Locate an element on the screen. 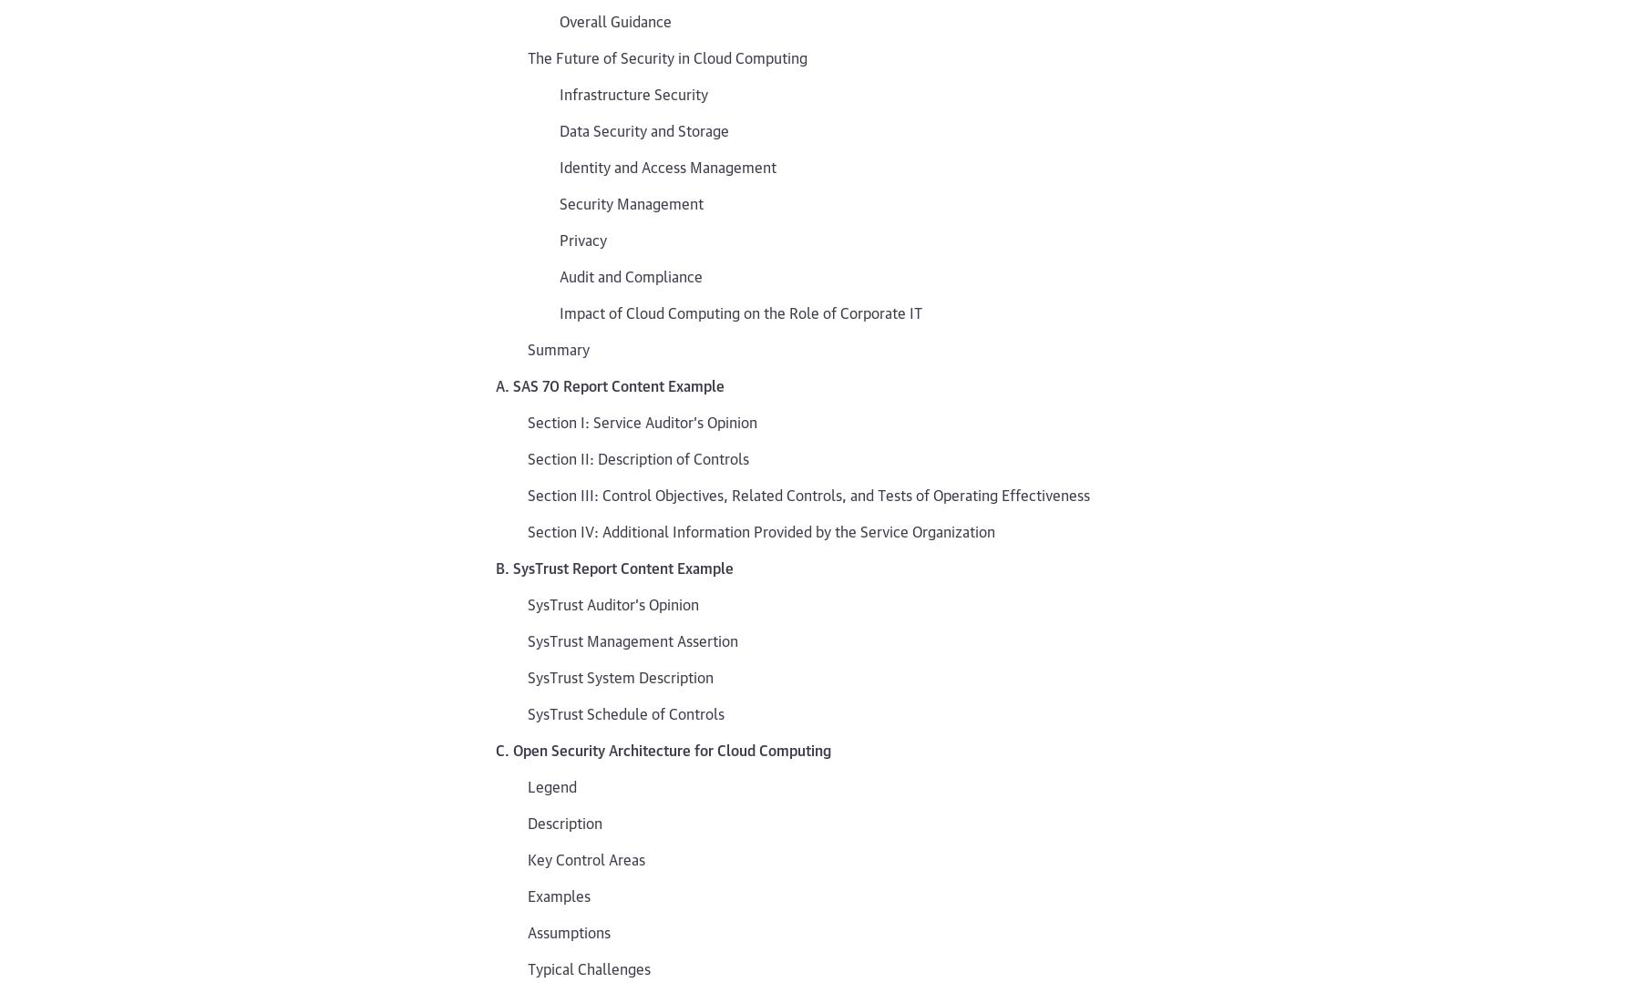  'Identity and Access Management' is located at coordinates (666, 166).